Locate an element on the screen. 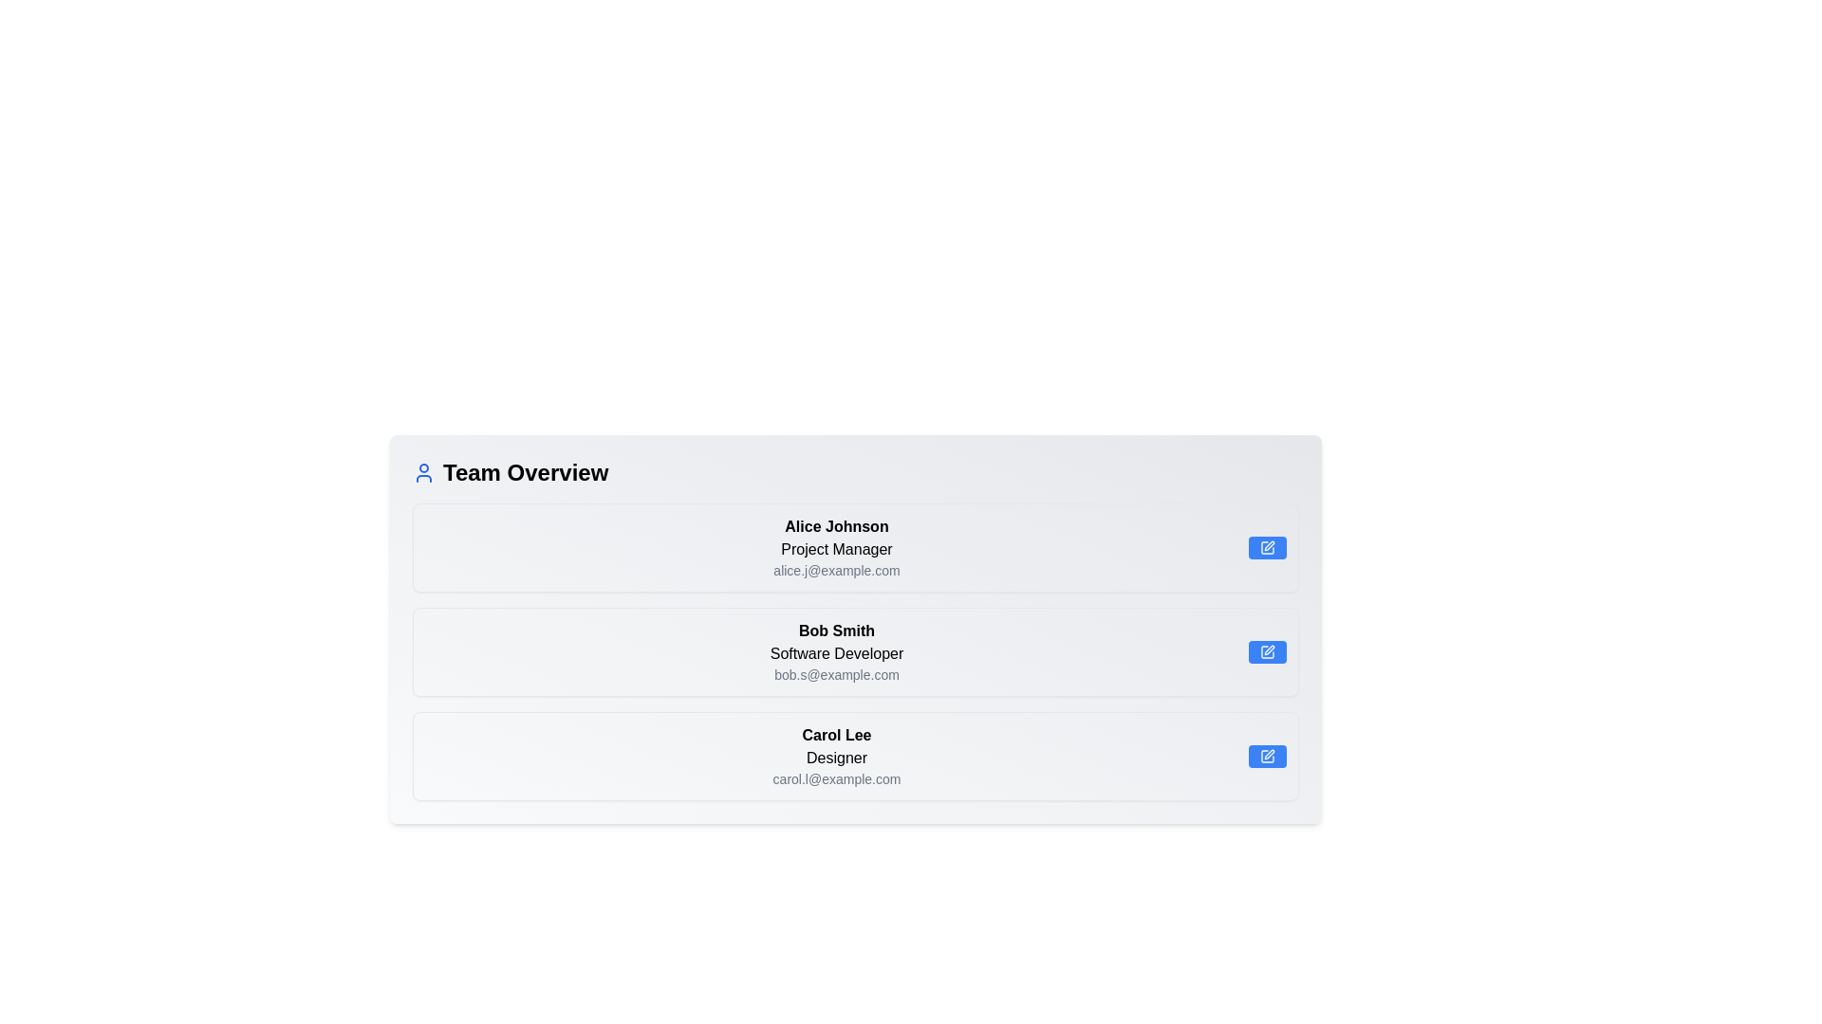 This screenshot has height=1024, width=1822. the edit button for 'Carol Lee' located in the rightmost section of her card within the 'Team Overview' section is located at coordinates (1267, 756).